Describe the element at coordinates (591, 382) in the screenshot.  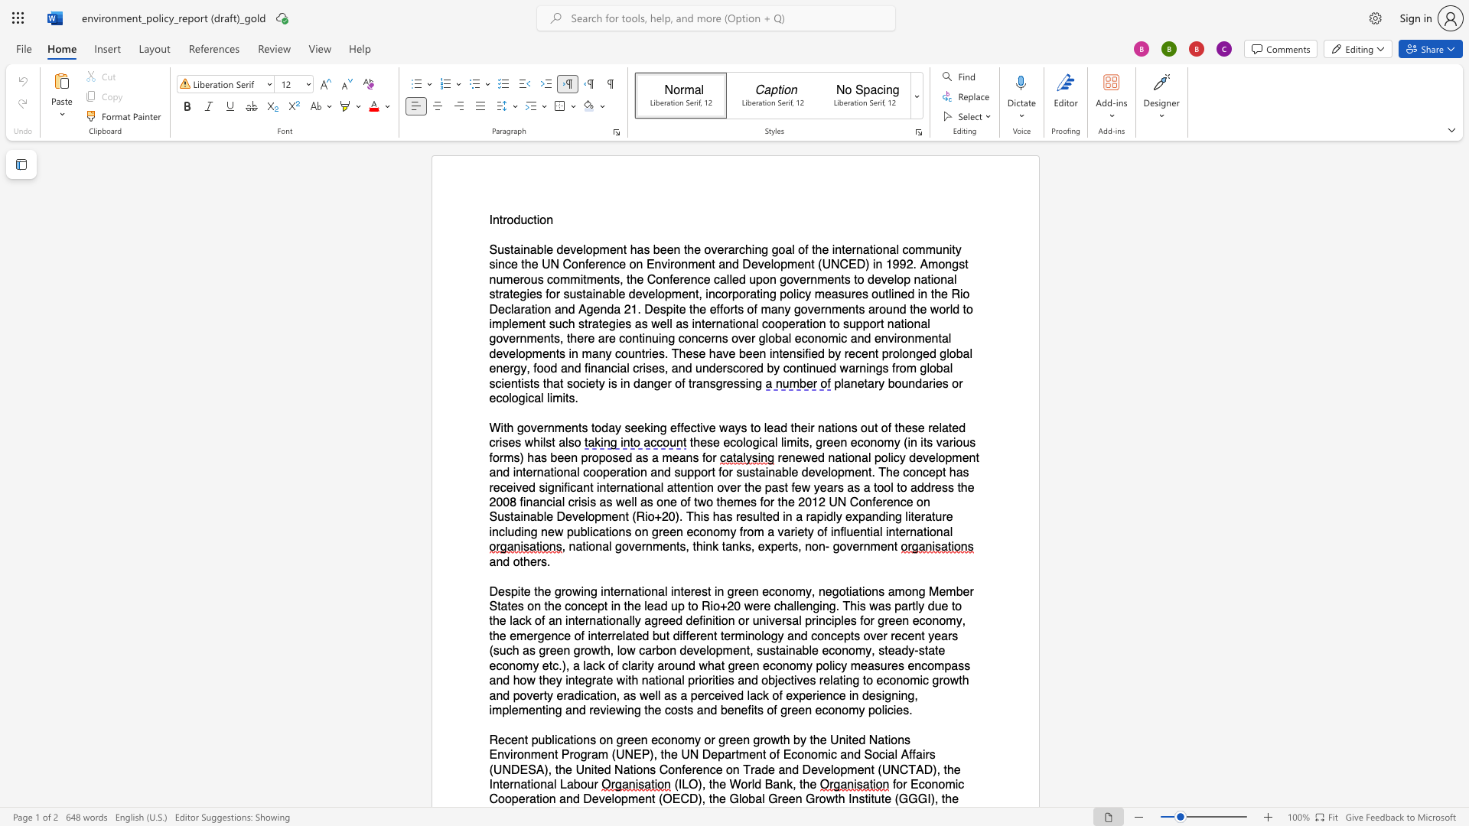
I see `the 6th character "e" in the text` at that location.